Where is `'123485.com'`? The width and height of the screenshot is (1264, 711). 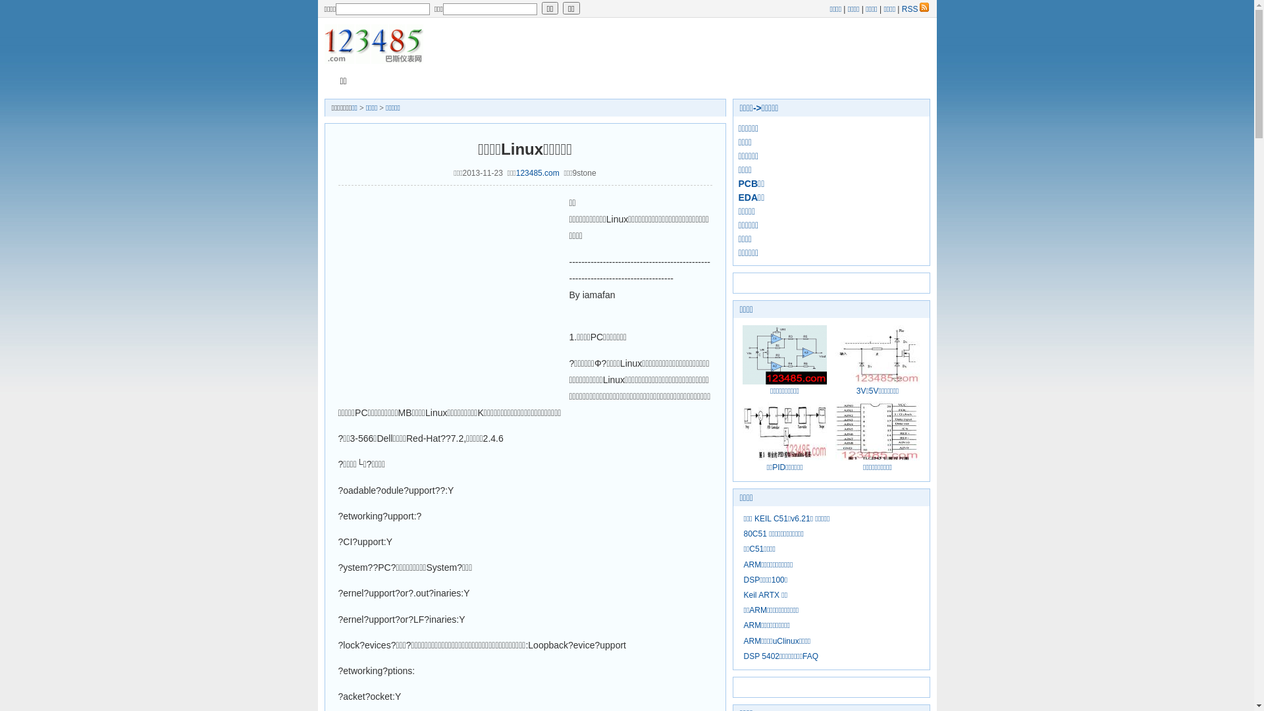 '123485.com' is located at coordinates (537, 172).